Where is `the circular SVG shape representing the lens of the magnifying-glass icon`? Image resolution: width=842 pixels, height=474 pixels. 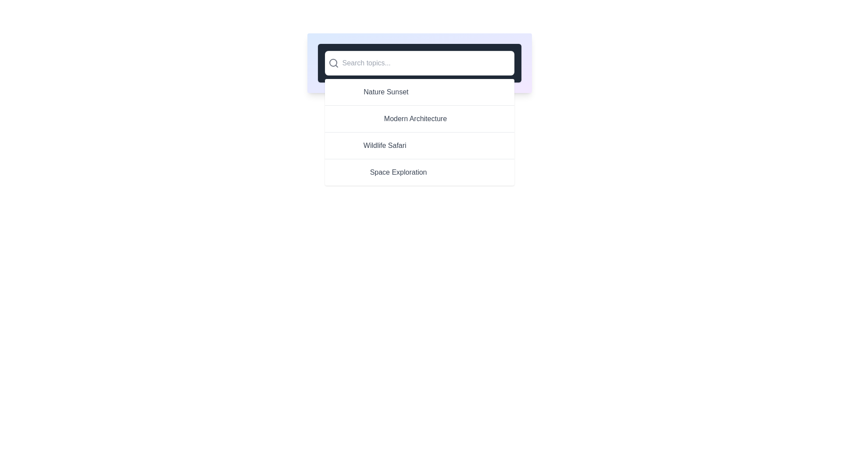
the circular SVG shape representing the lens of the magnifying-glass icon is located at coordinates (332, 62).